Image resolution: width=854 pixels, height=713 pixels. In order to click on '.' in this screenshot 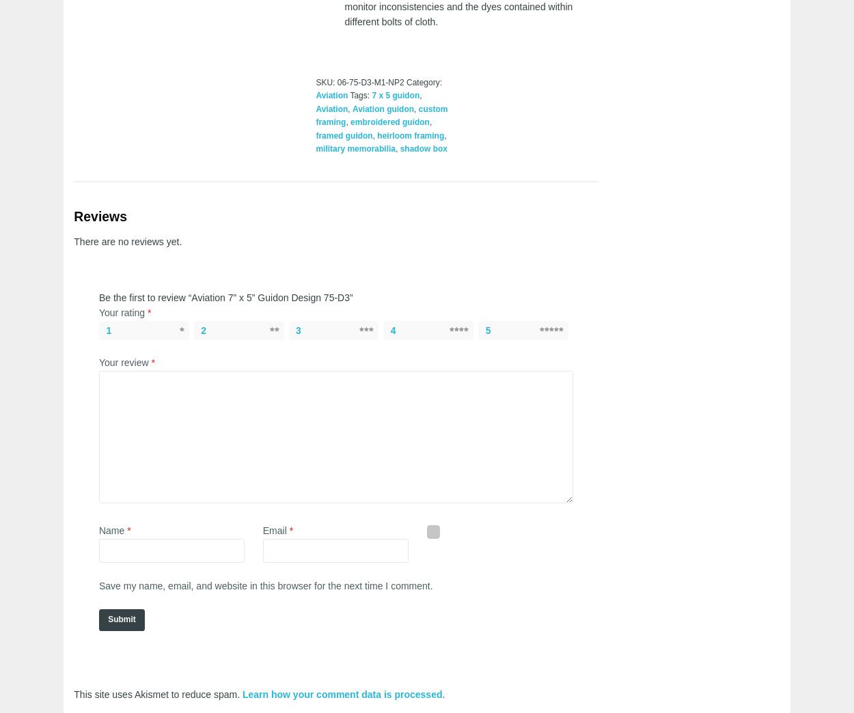, I will do `click(441, 694)`.